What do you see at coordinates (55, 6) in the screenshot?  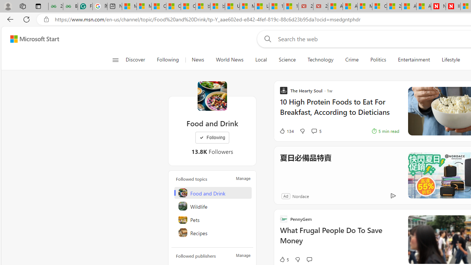 I see `'25 Basic Linux Commands For Beginners - GeeksforGeeks'` at bounding box center [55, 6].